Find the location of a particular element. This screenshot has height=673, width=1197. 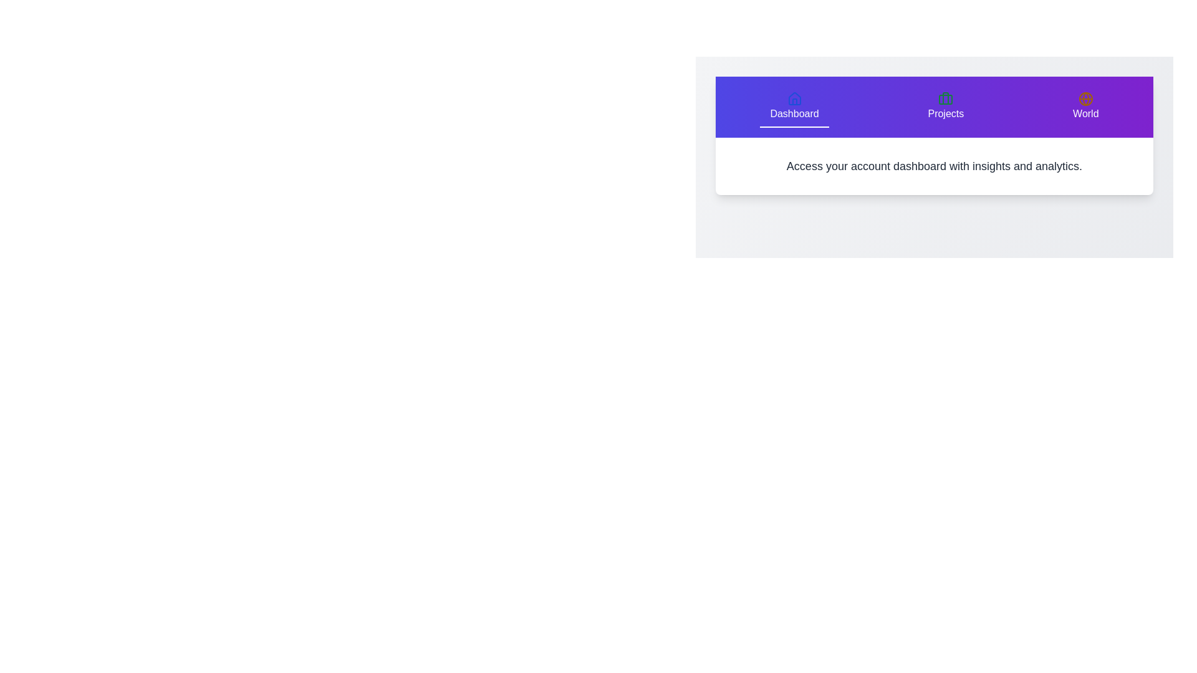

the 'Dashboard' tab to view its content is located at coordinates (794, 107).